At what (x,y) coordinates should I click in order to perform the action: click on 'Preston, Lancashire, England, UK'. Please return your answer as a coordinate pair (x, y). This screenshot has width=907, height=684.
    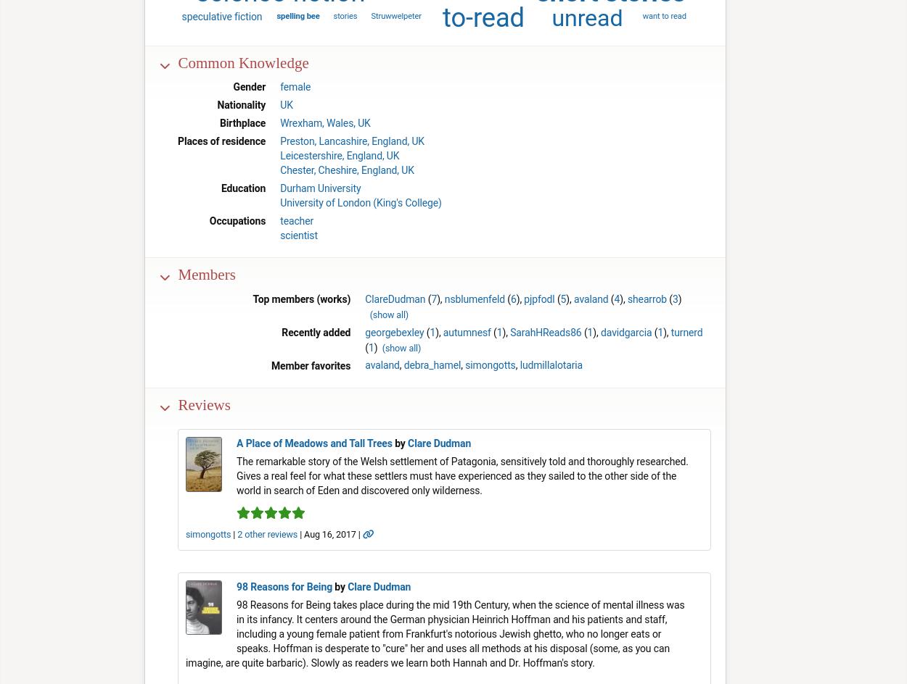
    Looking at the image, I should click on (351, 141).